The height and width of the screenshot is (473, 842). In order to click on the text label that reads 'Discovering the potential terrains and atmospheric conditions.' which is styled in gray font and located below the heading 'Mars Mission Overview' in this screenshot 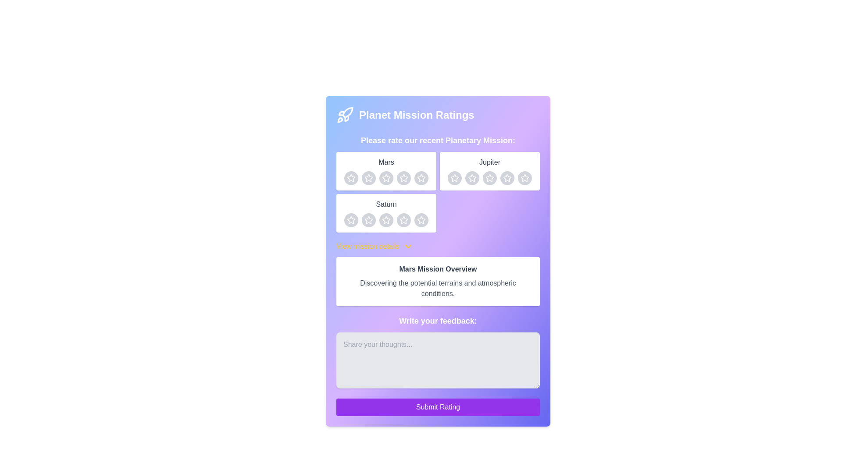, I will do `click(438, 289)`.